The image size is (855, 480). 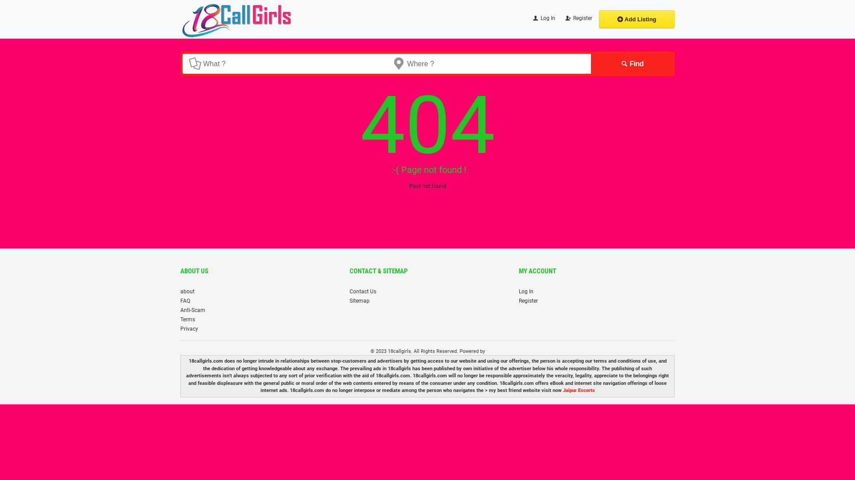 I want to click on 'Sitemap', so click(x=359, y=300).